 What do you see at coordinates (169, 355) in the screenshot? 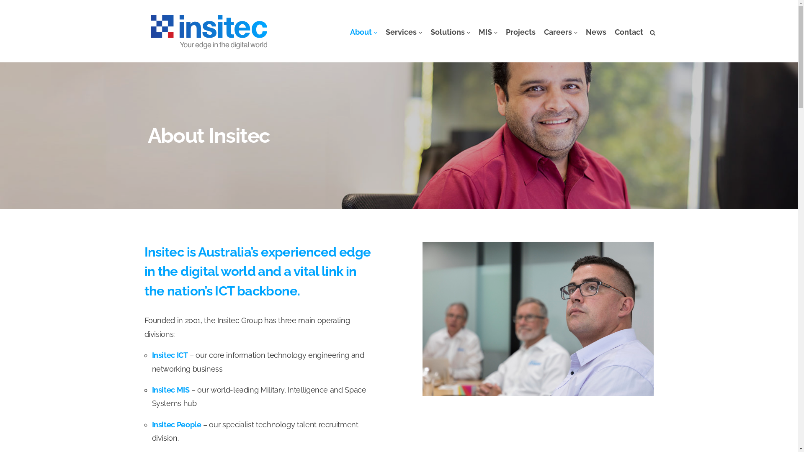
I see `'Insitec ICT'` at bounding box center [169, 355].